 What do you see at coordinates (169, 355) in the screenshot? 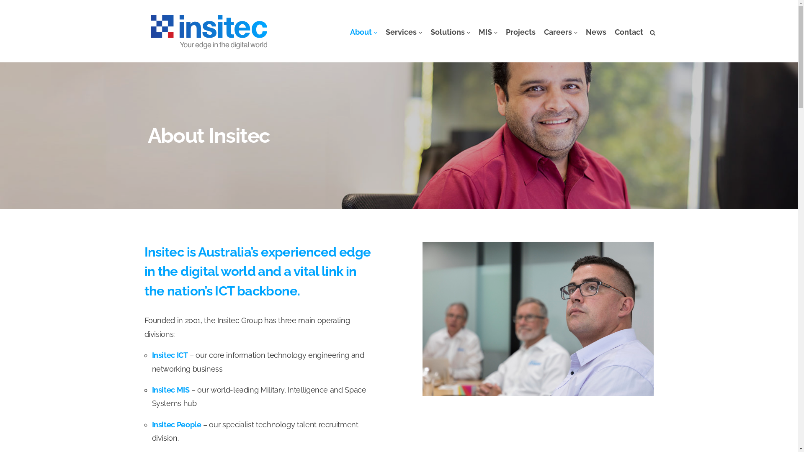
I see `'Insitec ICT'` at bounding box center [169, 355].